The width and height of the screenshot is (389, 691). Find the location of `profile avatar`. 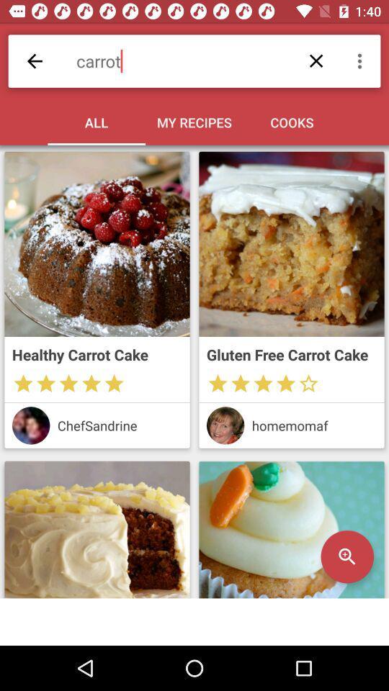

profile avatar is located at coordinates (225, 425).